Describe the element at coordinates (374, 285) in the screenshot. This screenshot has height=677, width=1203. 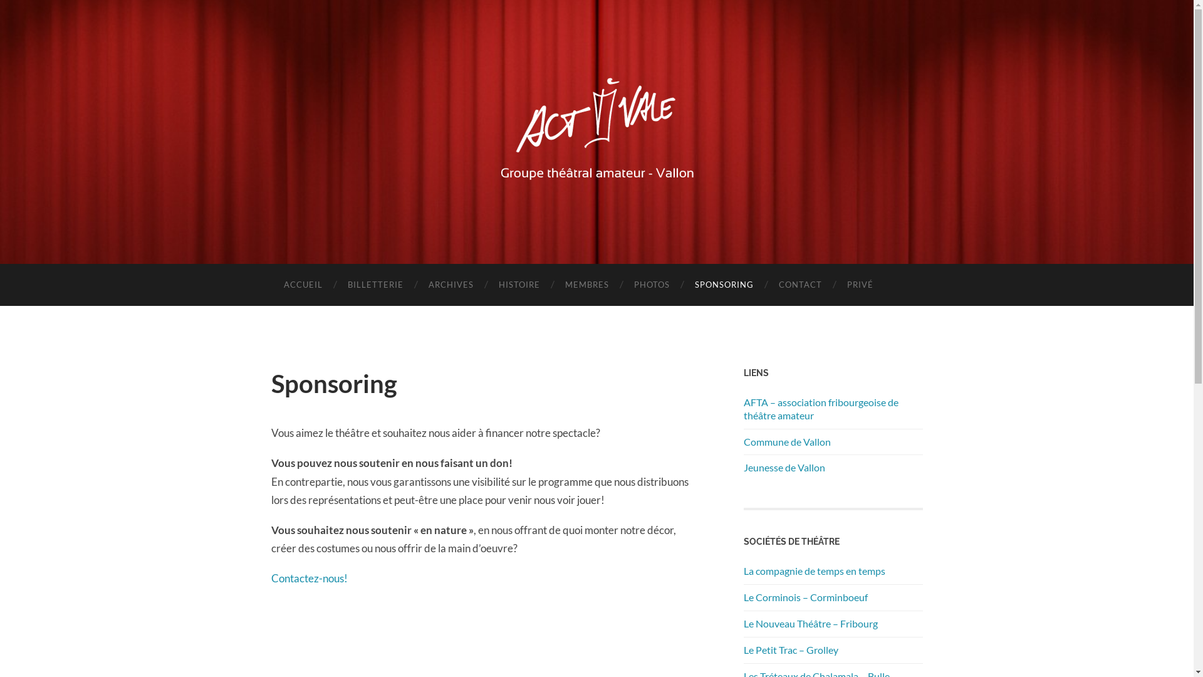
I see `'BILLETTERIE'` at that location.